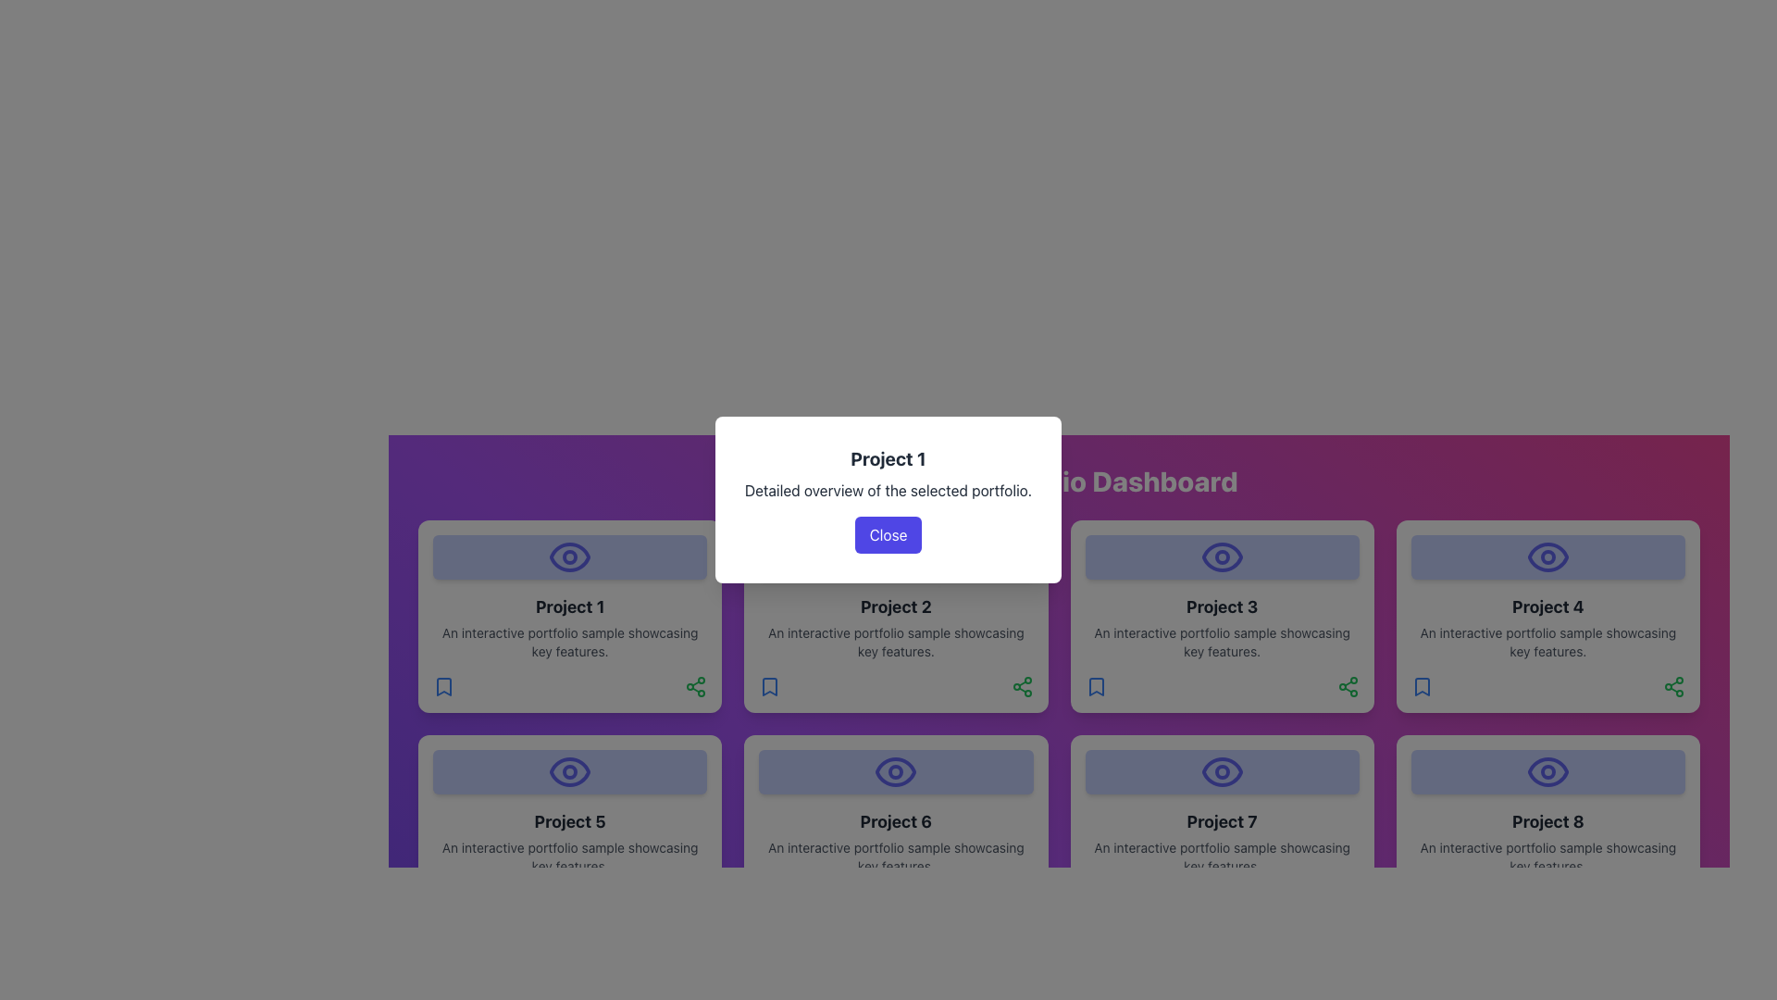 The width and height of the screenshot is (1777, 1000). What do you see at coordinates (1547, 771) in the screenshot?
I see `the eye icon button with an indigo background, located in the upper portion of the 'Project 8' card` at bounding box center [1547, 771].